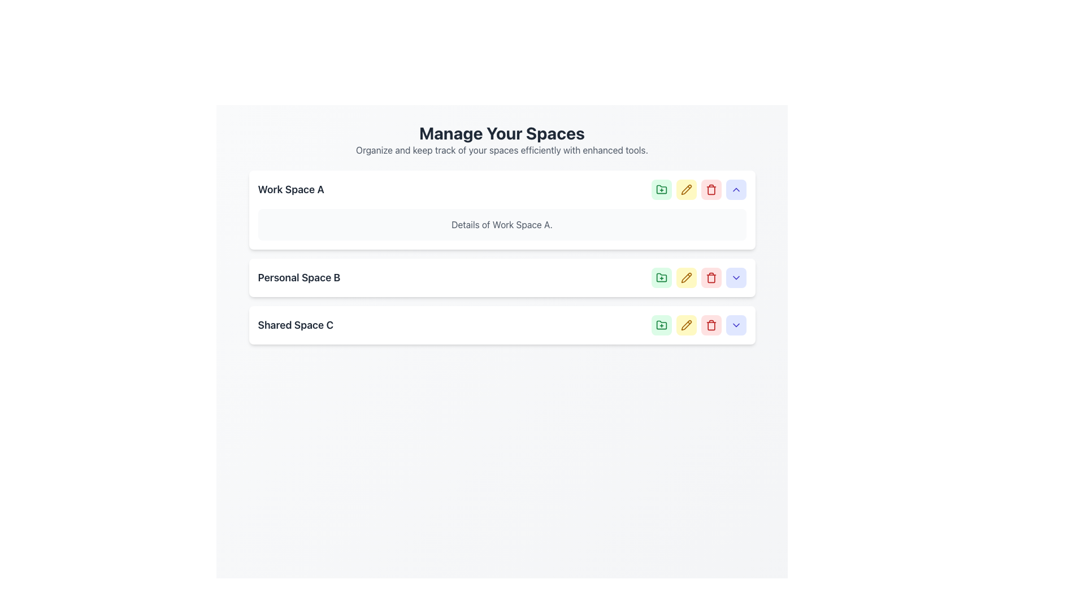 The image size is (1085, 610). Describe the element at coordinates (710, 278) in the screenshot. I see `the trash can icon button, which is a red SVG graphic with a light red background, located in the control bar of 'Work Space A' as the third icon from the left` at that location.